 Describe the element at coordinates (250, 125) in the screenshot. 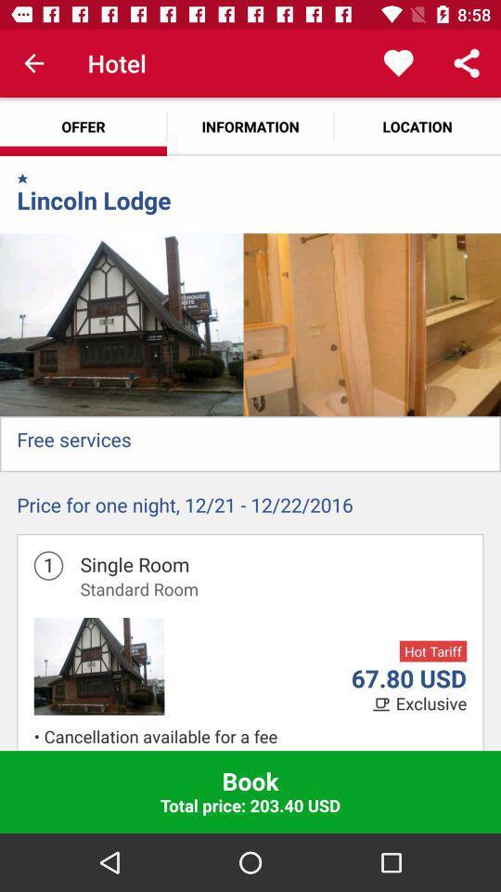

I see `the information item` at that location.